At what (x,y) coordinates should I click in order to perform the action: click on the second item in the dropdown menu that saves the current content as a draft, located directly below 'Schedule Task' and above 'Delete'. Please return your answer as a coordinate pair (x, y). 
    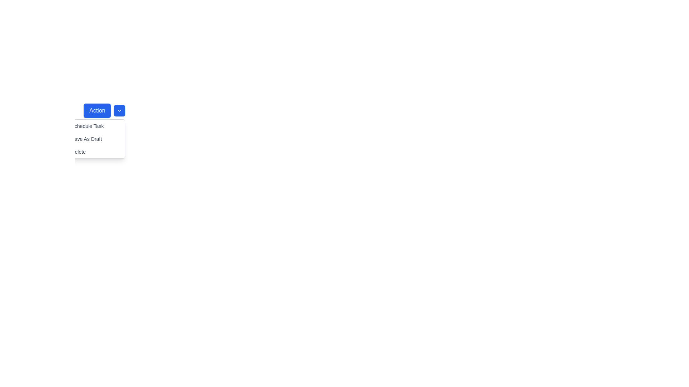
    Looking at the image, I should click on (90, 139).